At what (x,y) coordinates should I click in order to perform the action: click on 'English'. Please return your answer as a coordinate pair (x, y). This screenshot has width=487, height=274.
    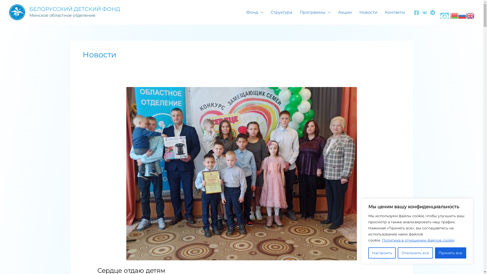
    Looking at the image, I should click on (466, 15).